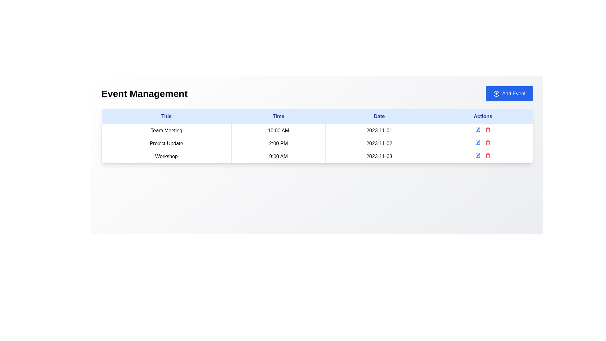  I want to click on the 'Add New Event' button located at the top-right corner of the 'Event Management' header, so click(509, 94).